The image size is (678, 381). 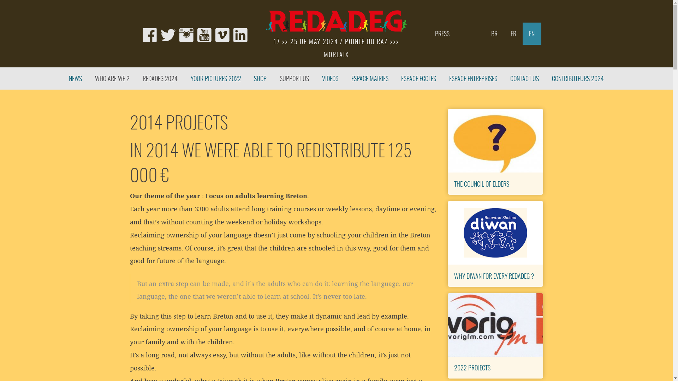 What do you see at coordinates (578, 78) in the screenshot?
I see `'CONTRIBUTEURS 2024'` at bounding box center [578, 78].